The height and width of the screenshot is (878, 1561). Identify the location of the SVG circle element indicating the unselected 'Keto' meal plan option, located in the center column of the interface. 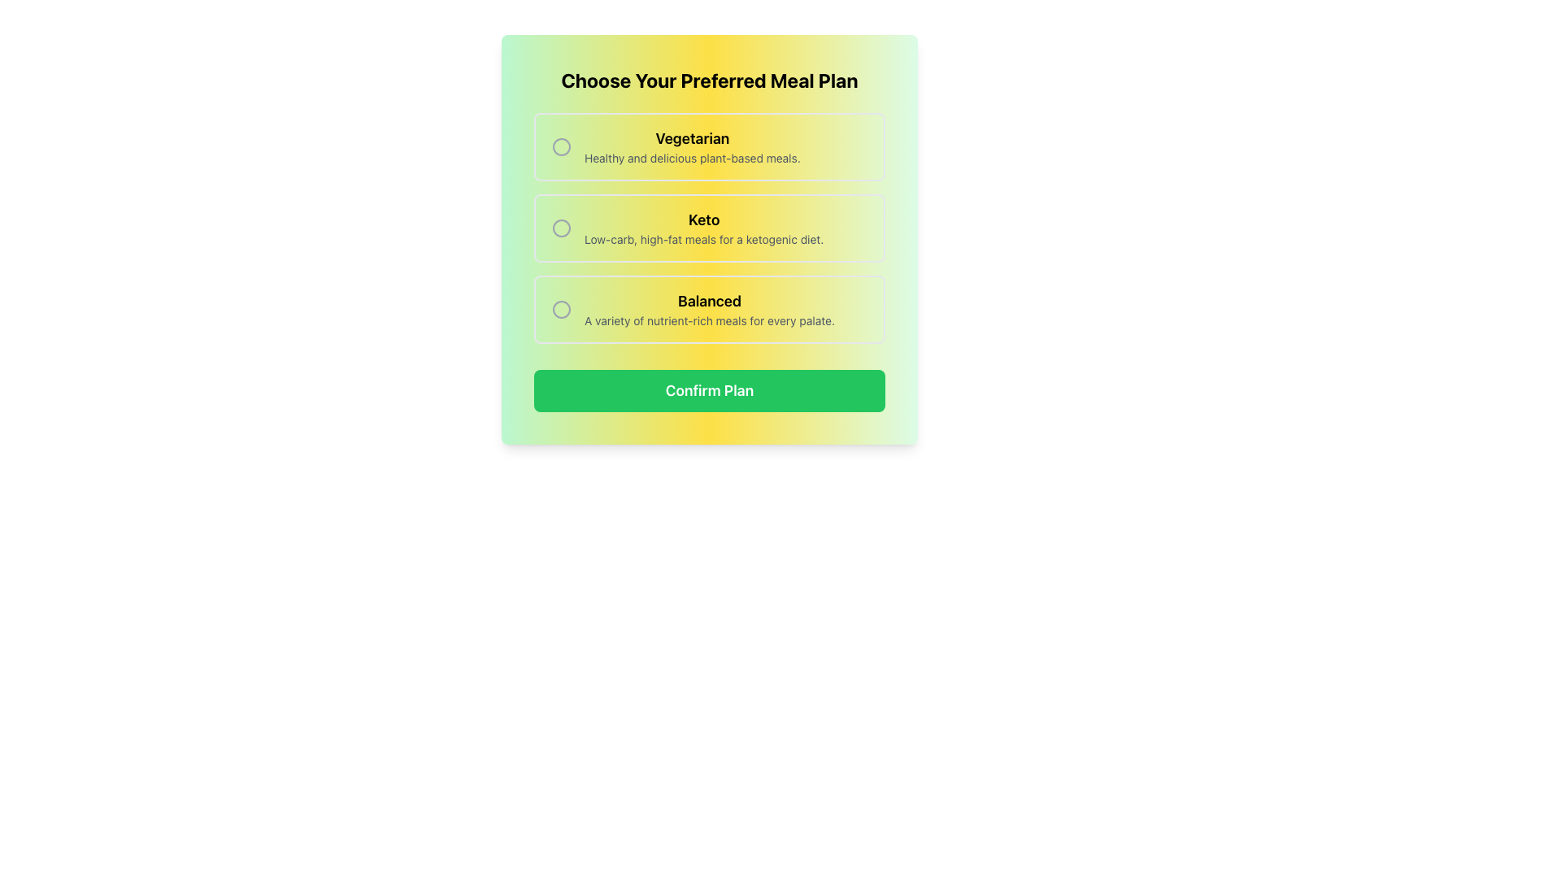
(562, 228).